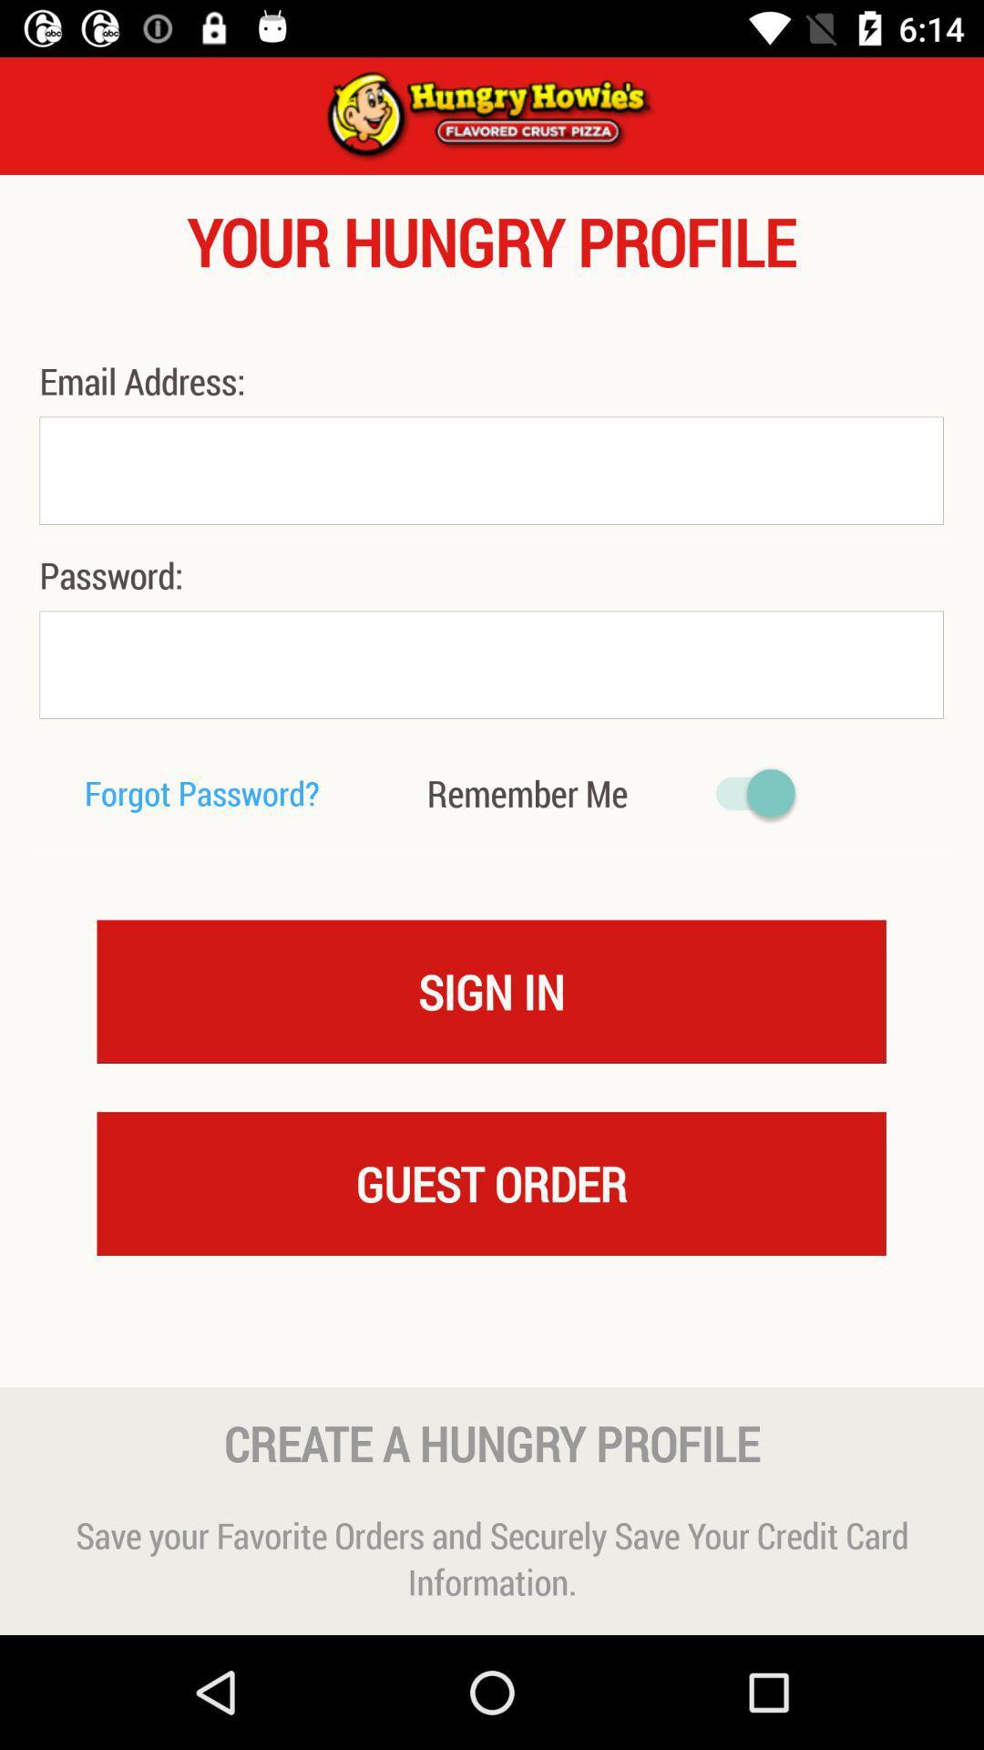  Describe the element at coordinates (490, 990) in the screenshot. I see `the sign in icon` at that location.